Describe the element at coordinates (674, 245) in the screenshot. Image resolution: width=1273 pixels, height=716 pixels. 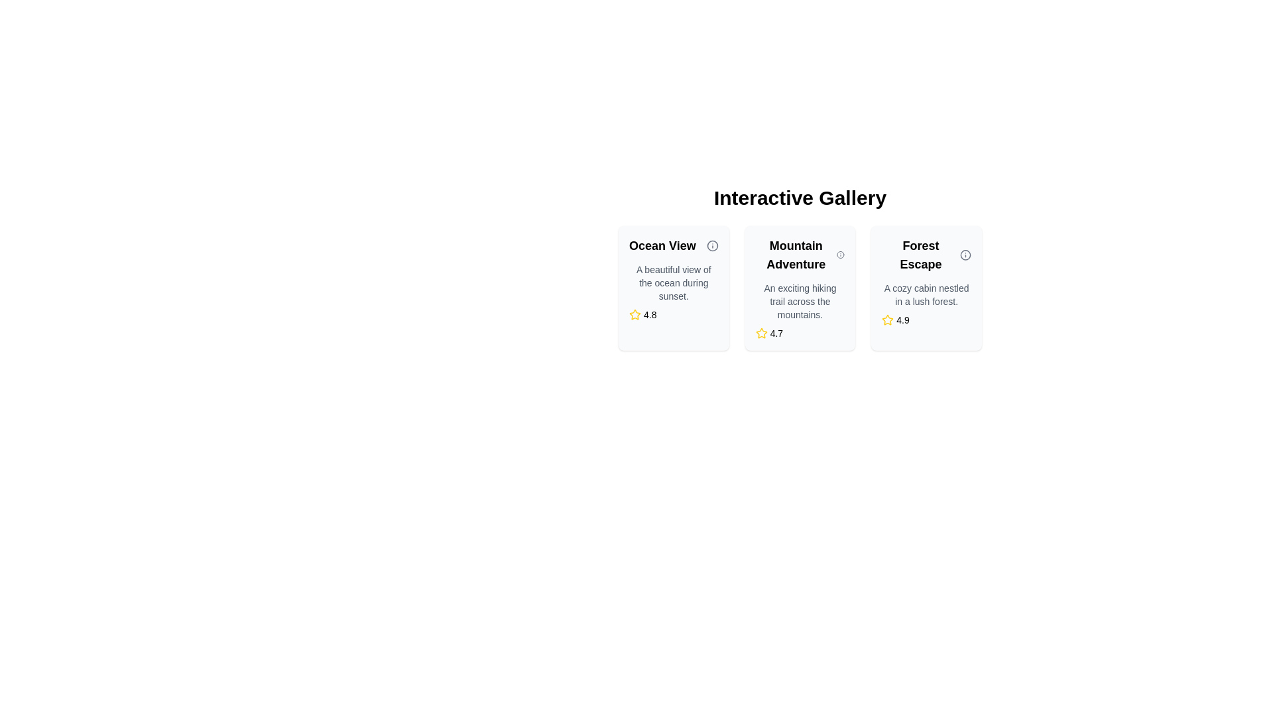
I see `the text label reading 'Ocean View', which is styled in bold and larger font, located at the top left of the first card in a horizontally aligned group of cards` at that location.